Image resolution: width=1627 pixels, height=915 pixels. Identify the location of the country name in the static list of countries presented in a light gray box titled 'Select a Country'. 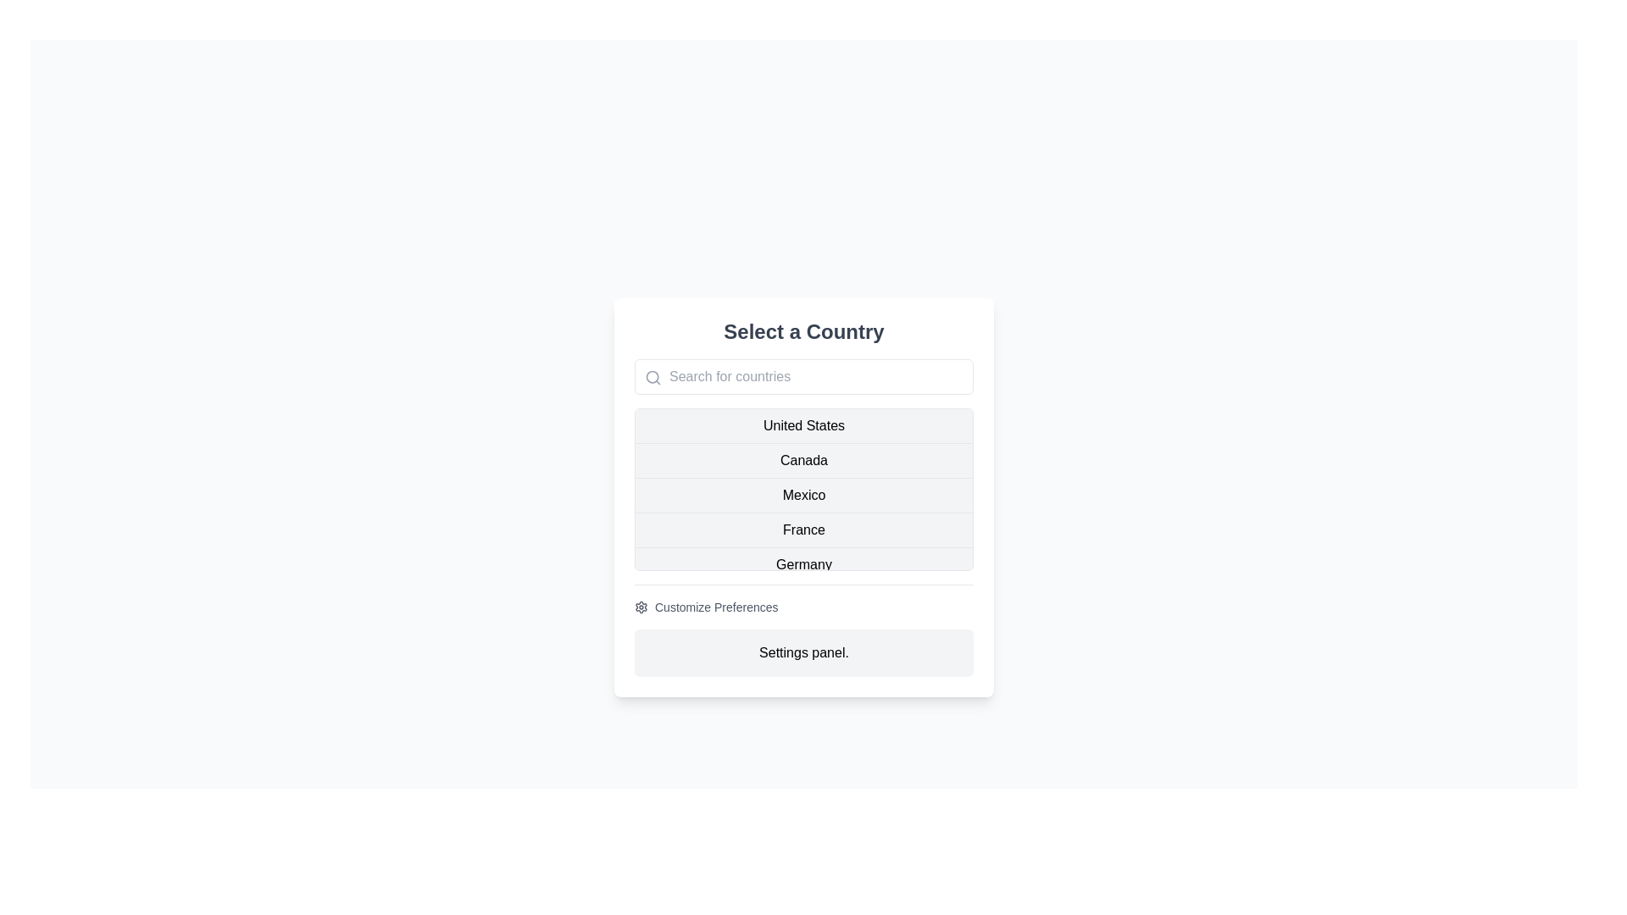
(803, 489).